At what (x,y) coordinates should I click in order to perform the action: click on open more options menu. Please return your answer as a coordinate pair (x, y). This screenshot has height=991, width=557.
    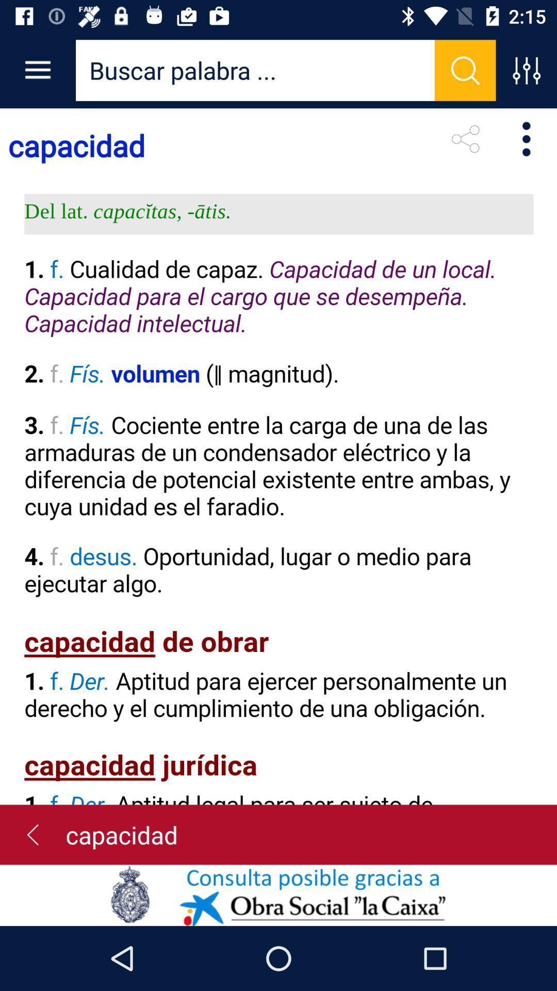
    Looking at the image, I should click on (526, 70).